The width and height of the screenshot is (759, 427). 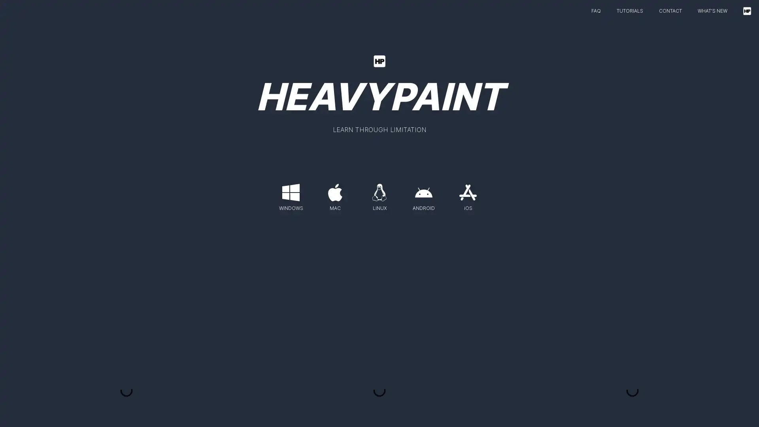 What do you see at coordinates (423, 195) in the screenshot?
I see `ANDROID` at bounding box center [423, 195].